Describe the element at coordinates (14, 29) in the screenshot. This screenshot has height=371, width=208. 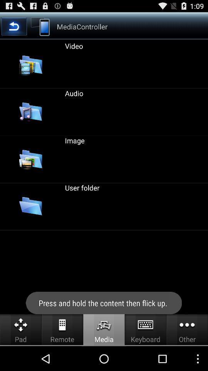
I see `the undo icon` at that location.